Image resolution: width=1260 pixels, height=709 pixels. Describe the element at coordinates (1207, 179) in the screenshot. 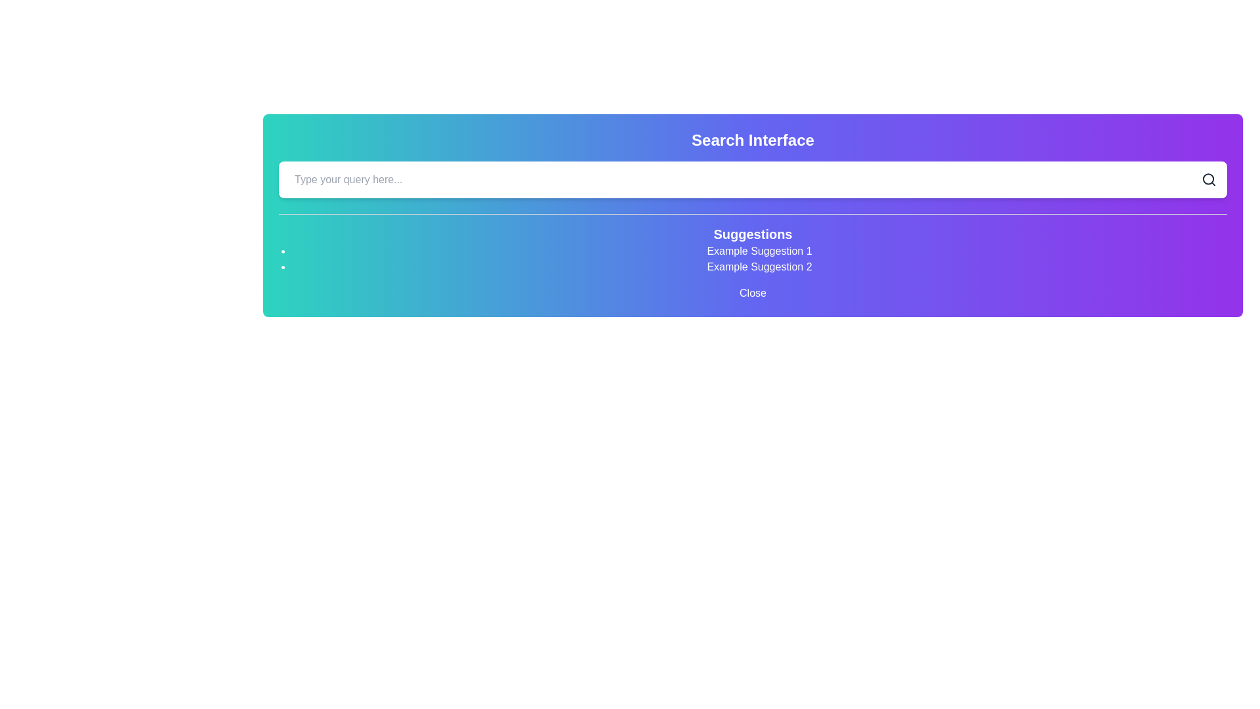

I see `the search icon's circle, which represents the magnifying glass, to trigger a search action` at that location.